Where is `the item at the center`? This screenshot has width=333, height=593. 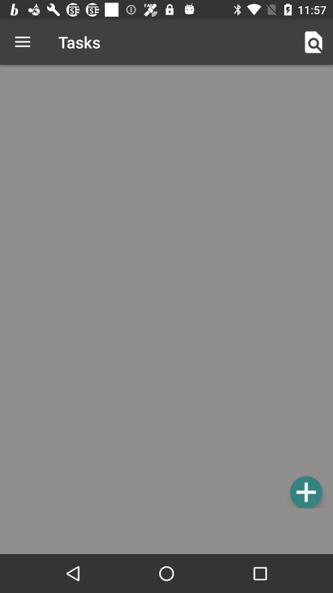 the item at the center is located at coordinates (166, 288).